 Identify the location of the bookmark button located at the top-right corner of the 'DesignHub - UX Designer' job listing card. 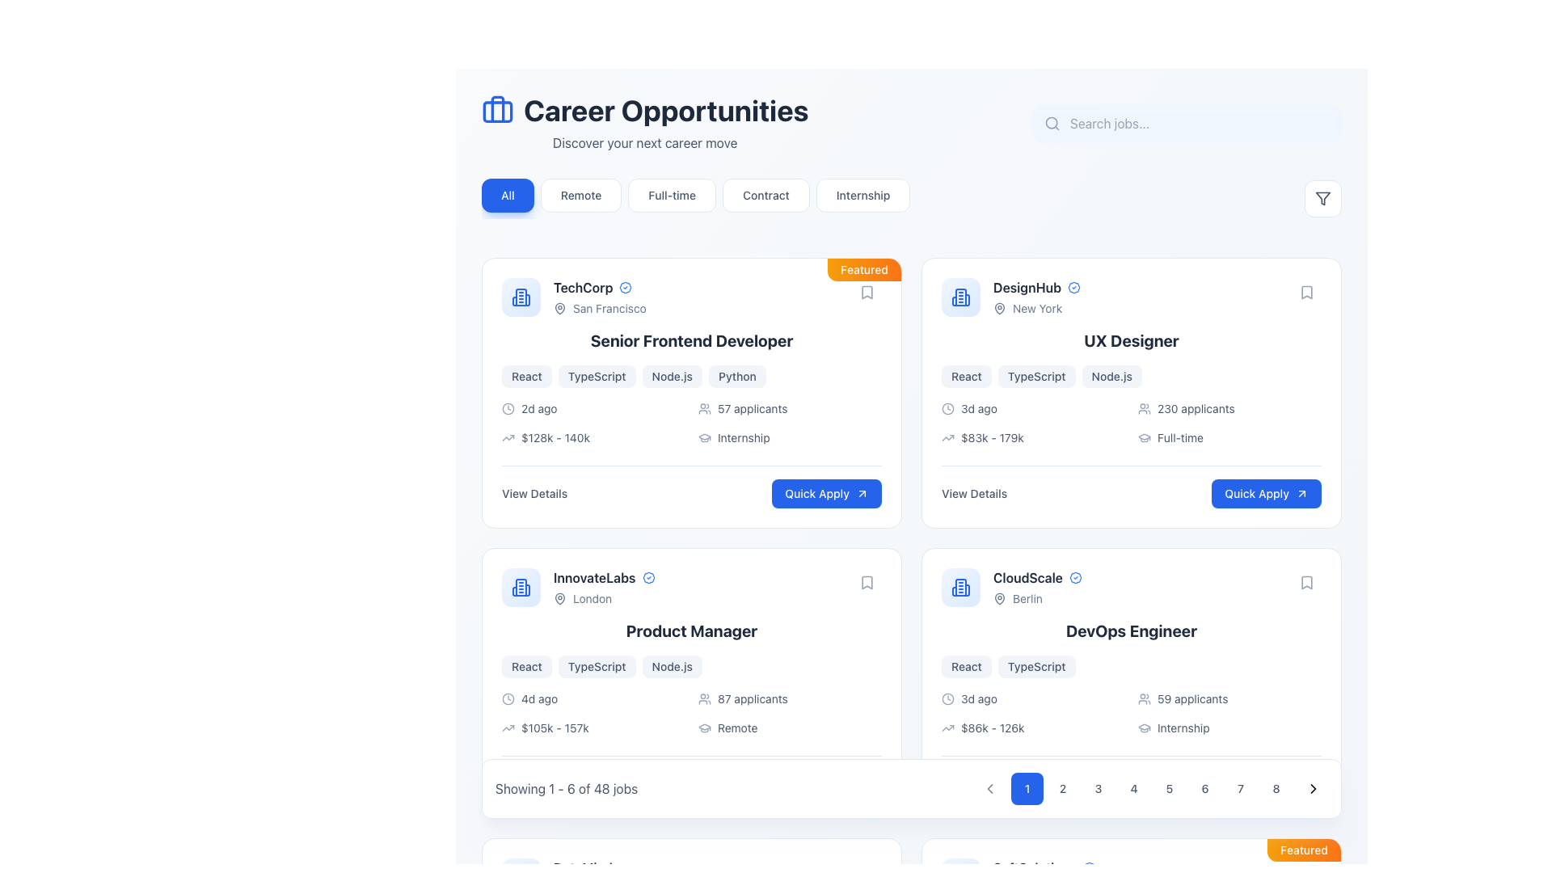
(1307, 293).